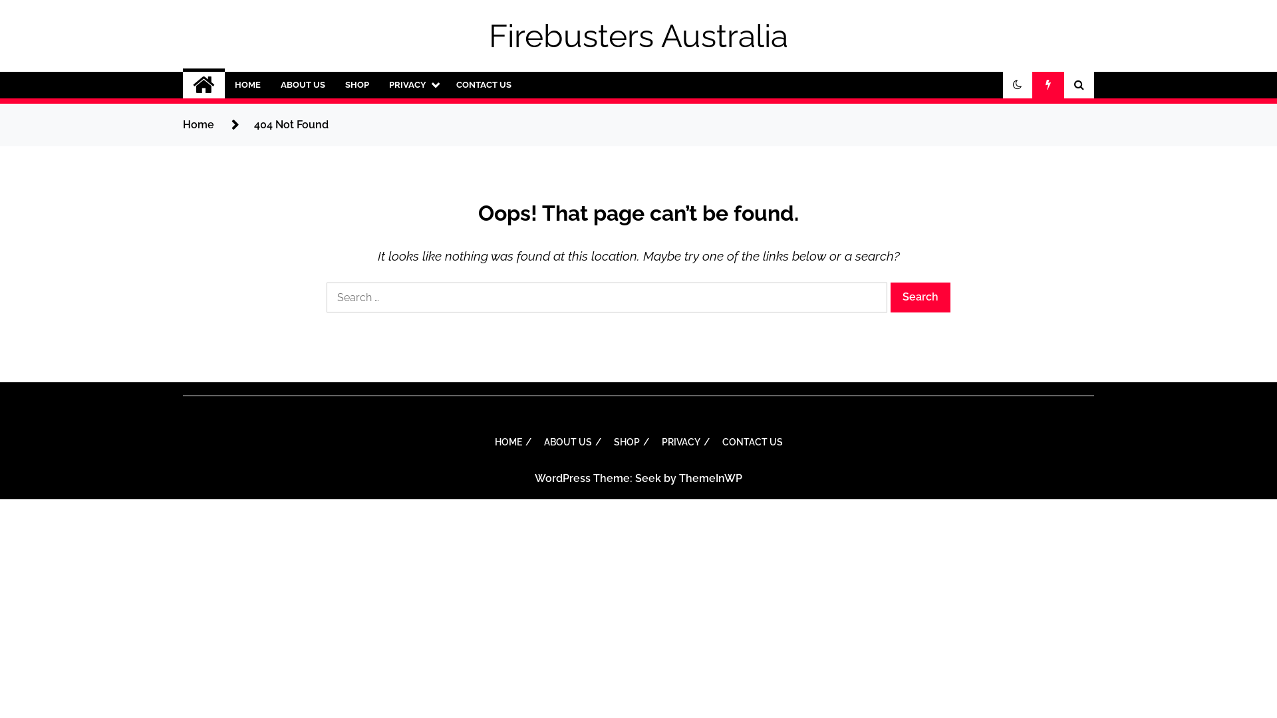 This screenshot has width=1277, height=718. What do you see at coordinates (654, 441) in the screenshot?
I see `'PRIVACY'` at bounding box center [654, 441].